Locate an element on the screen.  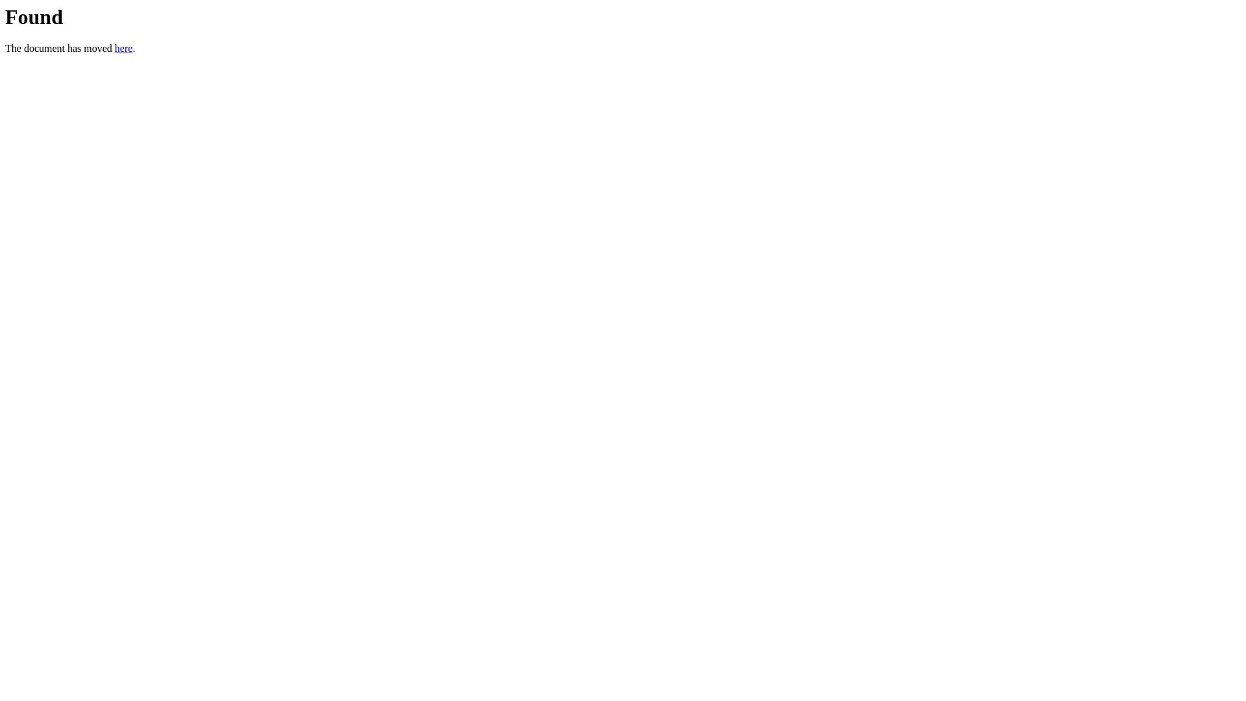
'here' is located at coordinates (115, 47).